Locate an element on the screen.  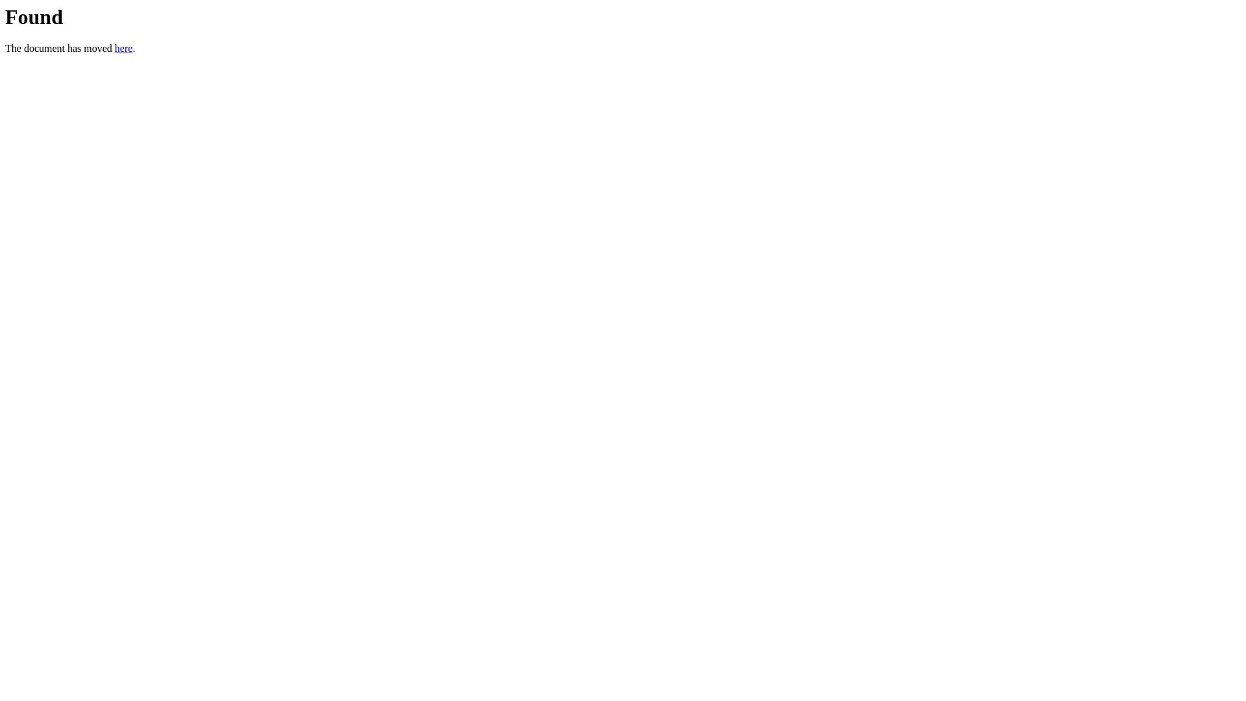
'here' is located at coordinates (115, 47).